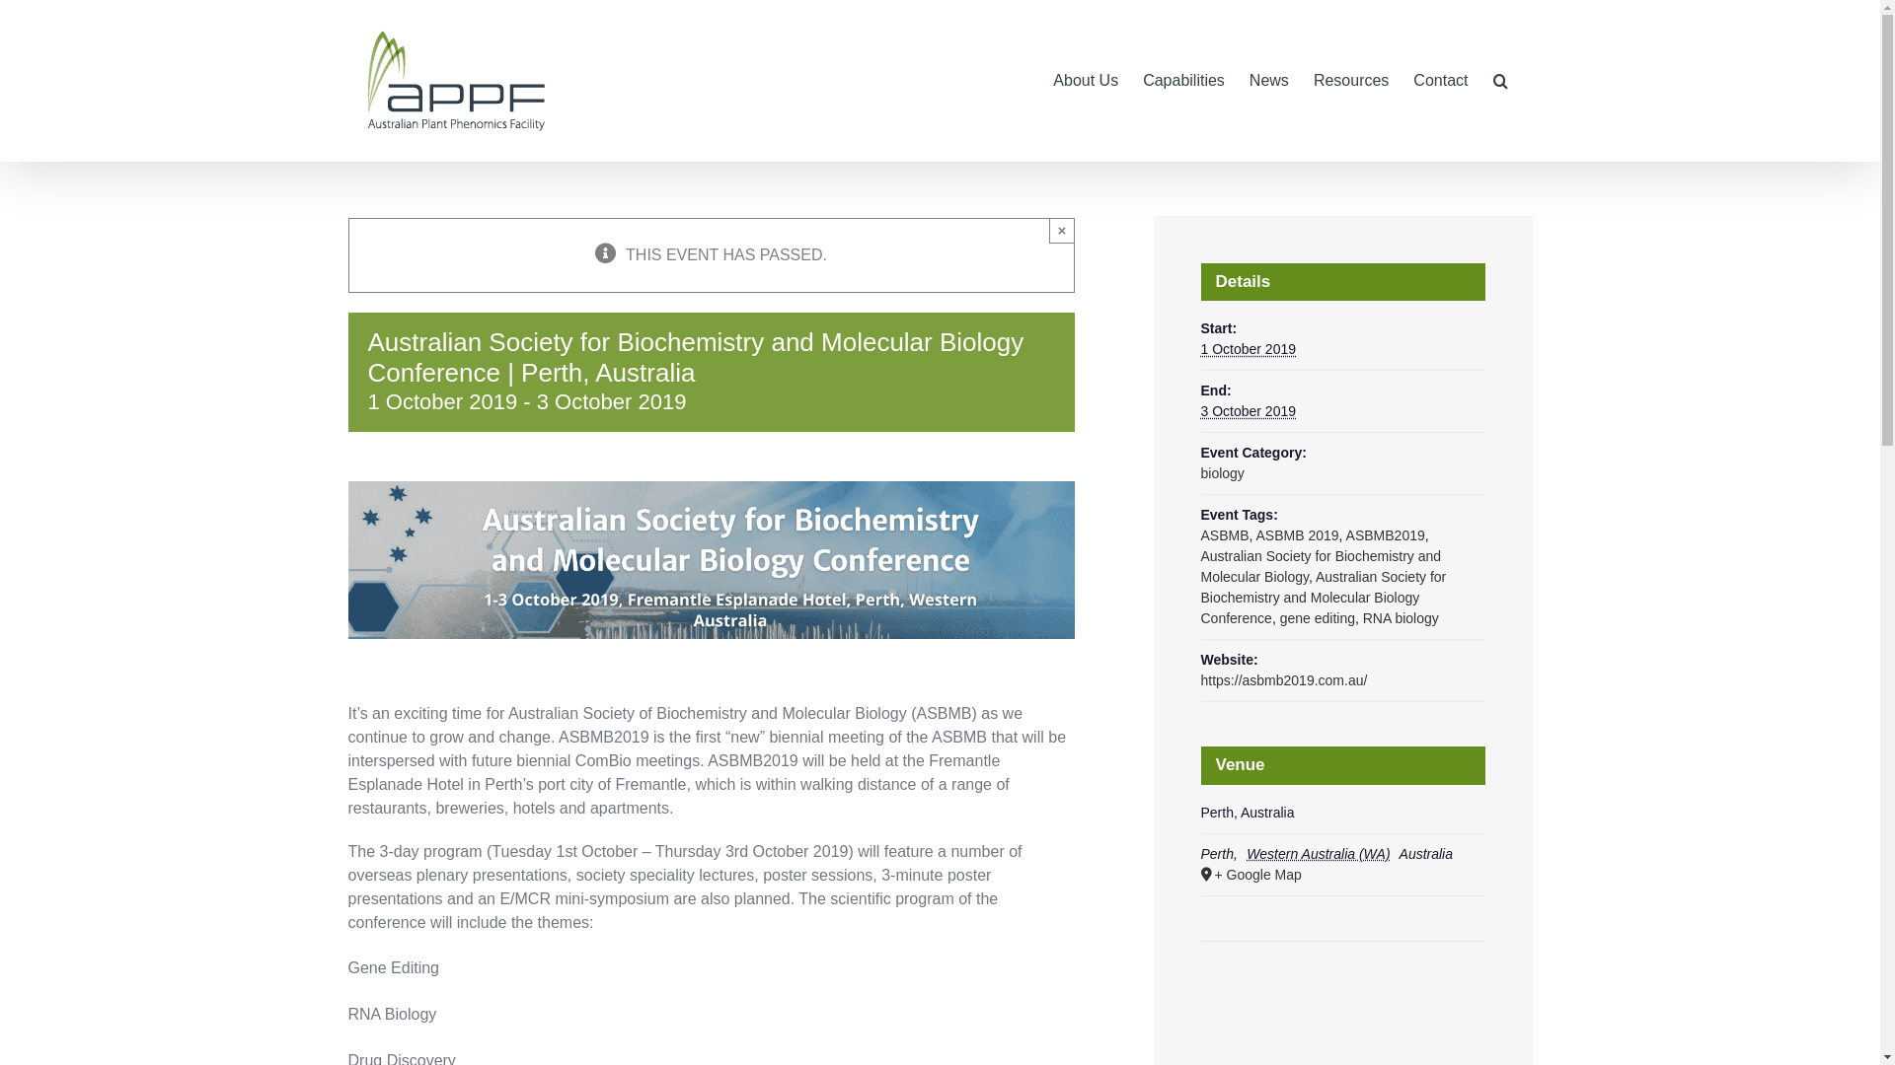 This screenshot has height=1065, width=1895. I want to click on 'Resources', so click(1349, 79).